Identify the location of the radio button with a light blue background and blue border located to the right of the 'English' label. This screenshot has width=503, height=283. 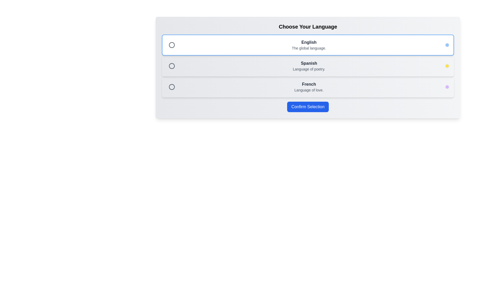
(447, 45).